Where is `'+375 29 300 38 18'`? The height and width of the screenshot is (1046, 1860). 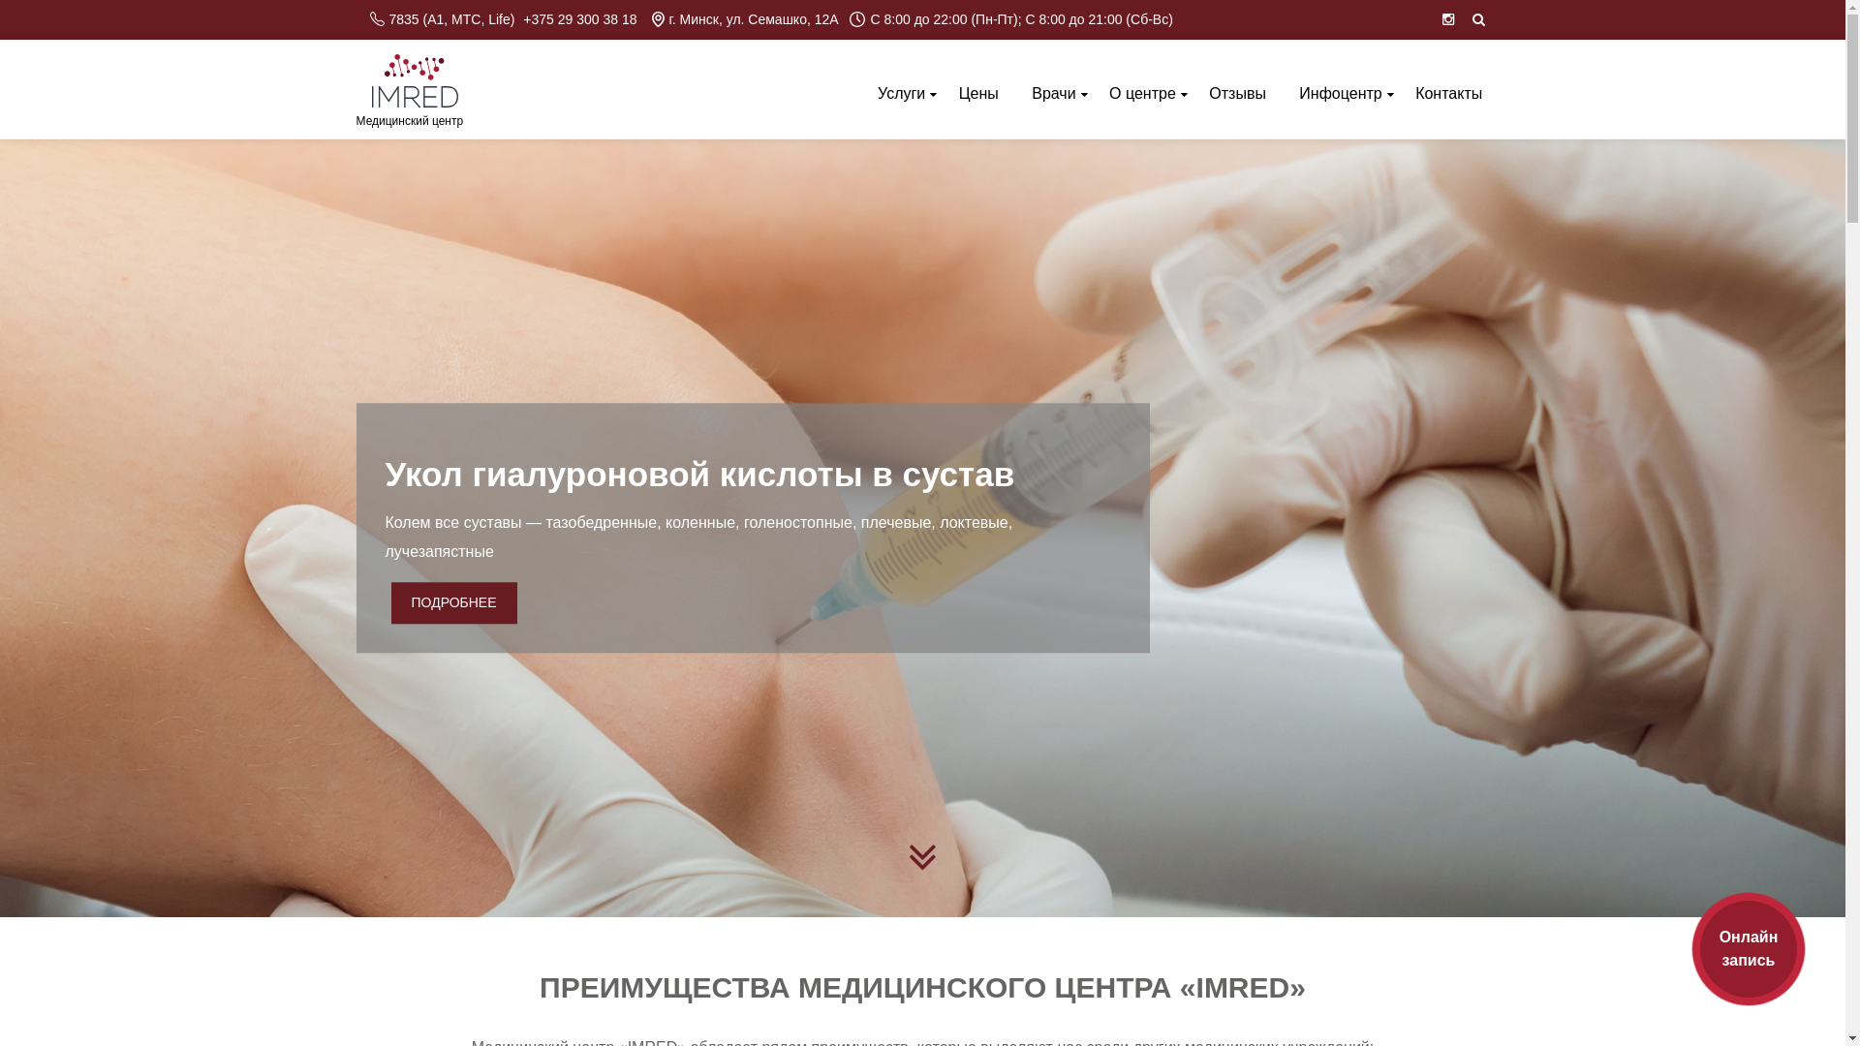 '+375 29 300 38 18' is located at coordinates (522, 19).